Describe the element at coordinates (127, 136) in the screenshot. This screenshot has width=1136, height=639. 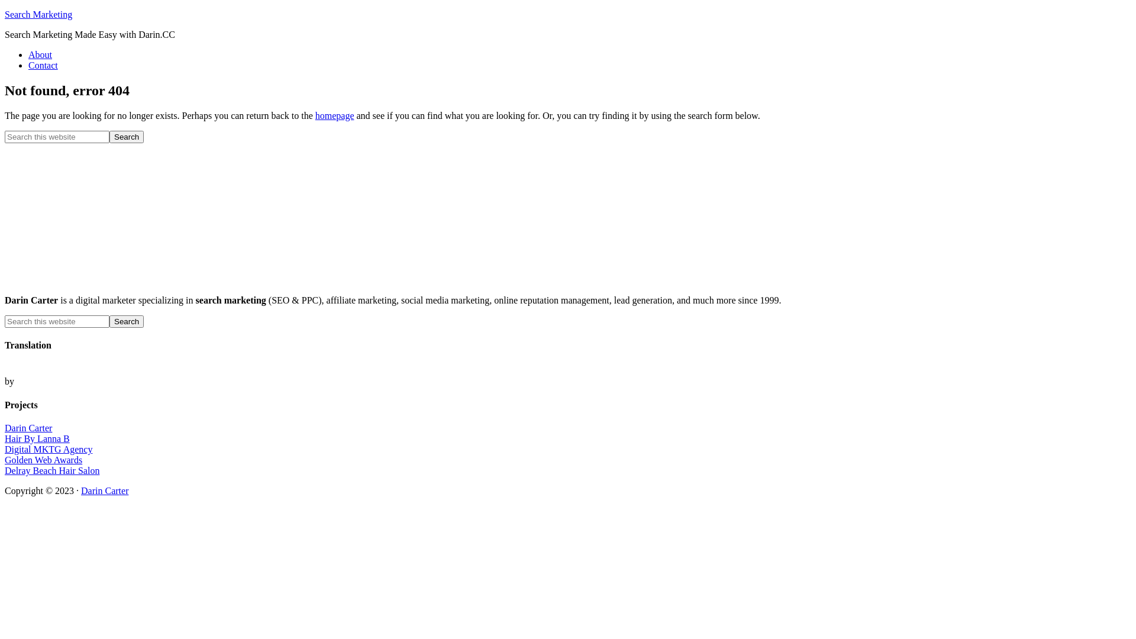
I see `'Search'` at that location.